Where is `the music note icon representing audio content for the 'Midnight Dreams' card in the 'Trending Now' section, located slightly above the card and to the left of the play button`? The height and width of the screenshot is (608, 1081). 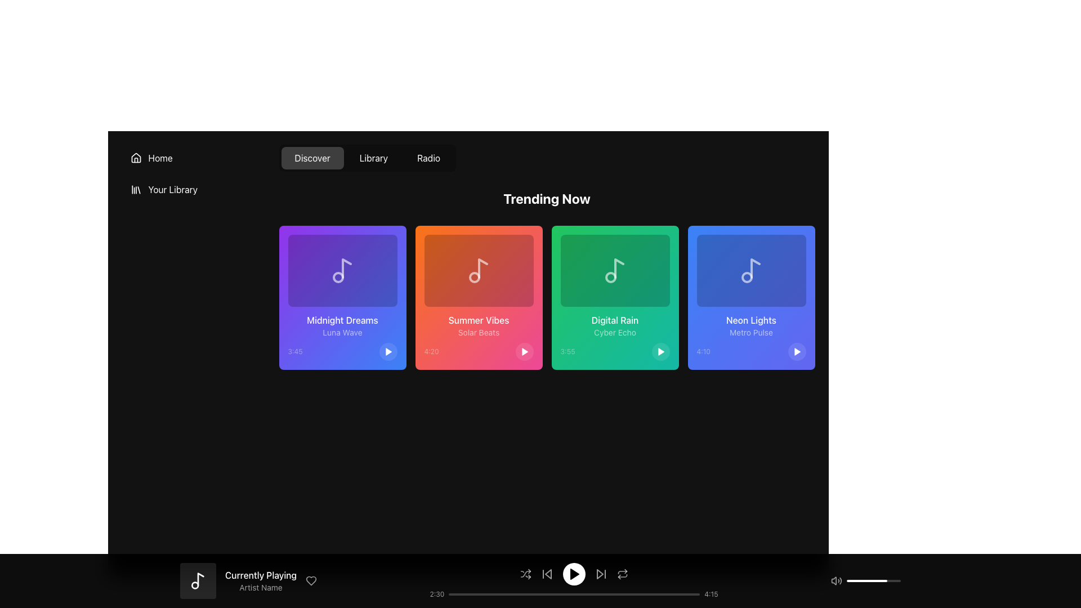 the music note icon representing audio content for the 'Midnight Dreams' card in the 'Trending Now' section, located slightly above the card and to the left of the play button is located at coordinates (346, 269).